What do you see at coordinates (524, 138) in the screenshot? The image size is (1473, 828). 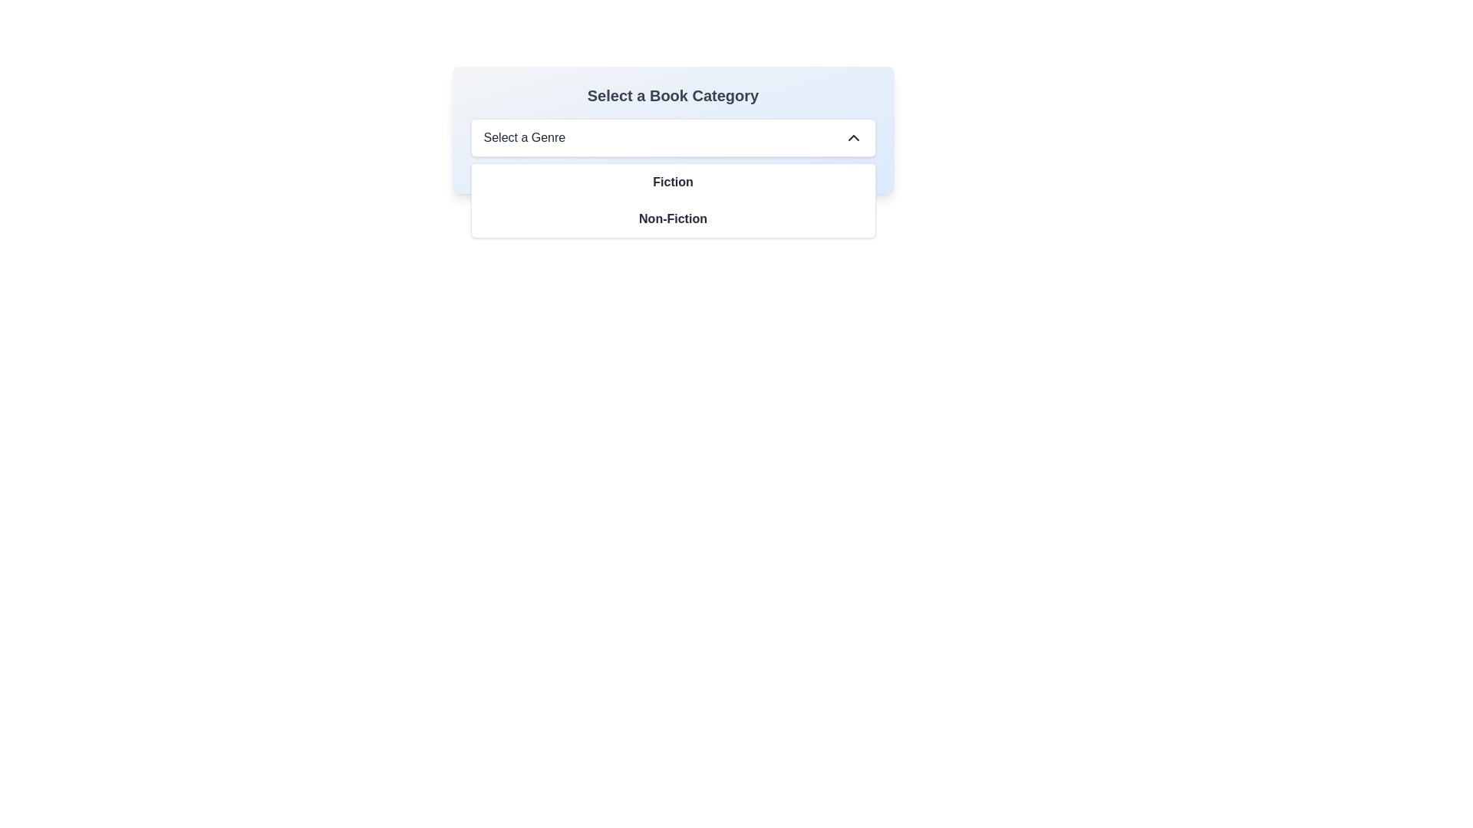 I see `the static text label in the dropdown menu that guides the user to select a genre, highlighting it` at bounding box center [524, 138].